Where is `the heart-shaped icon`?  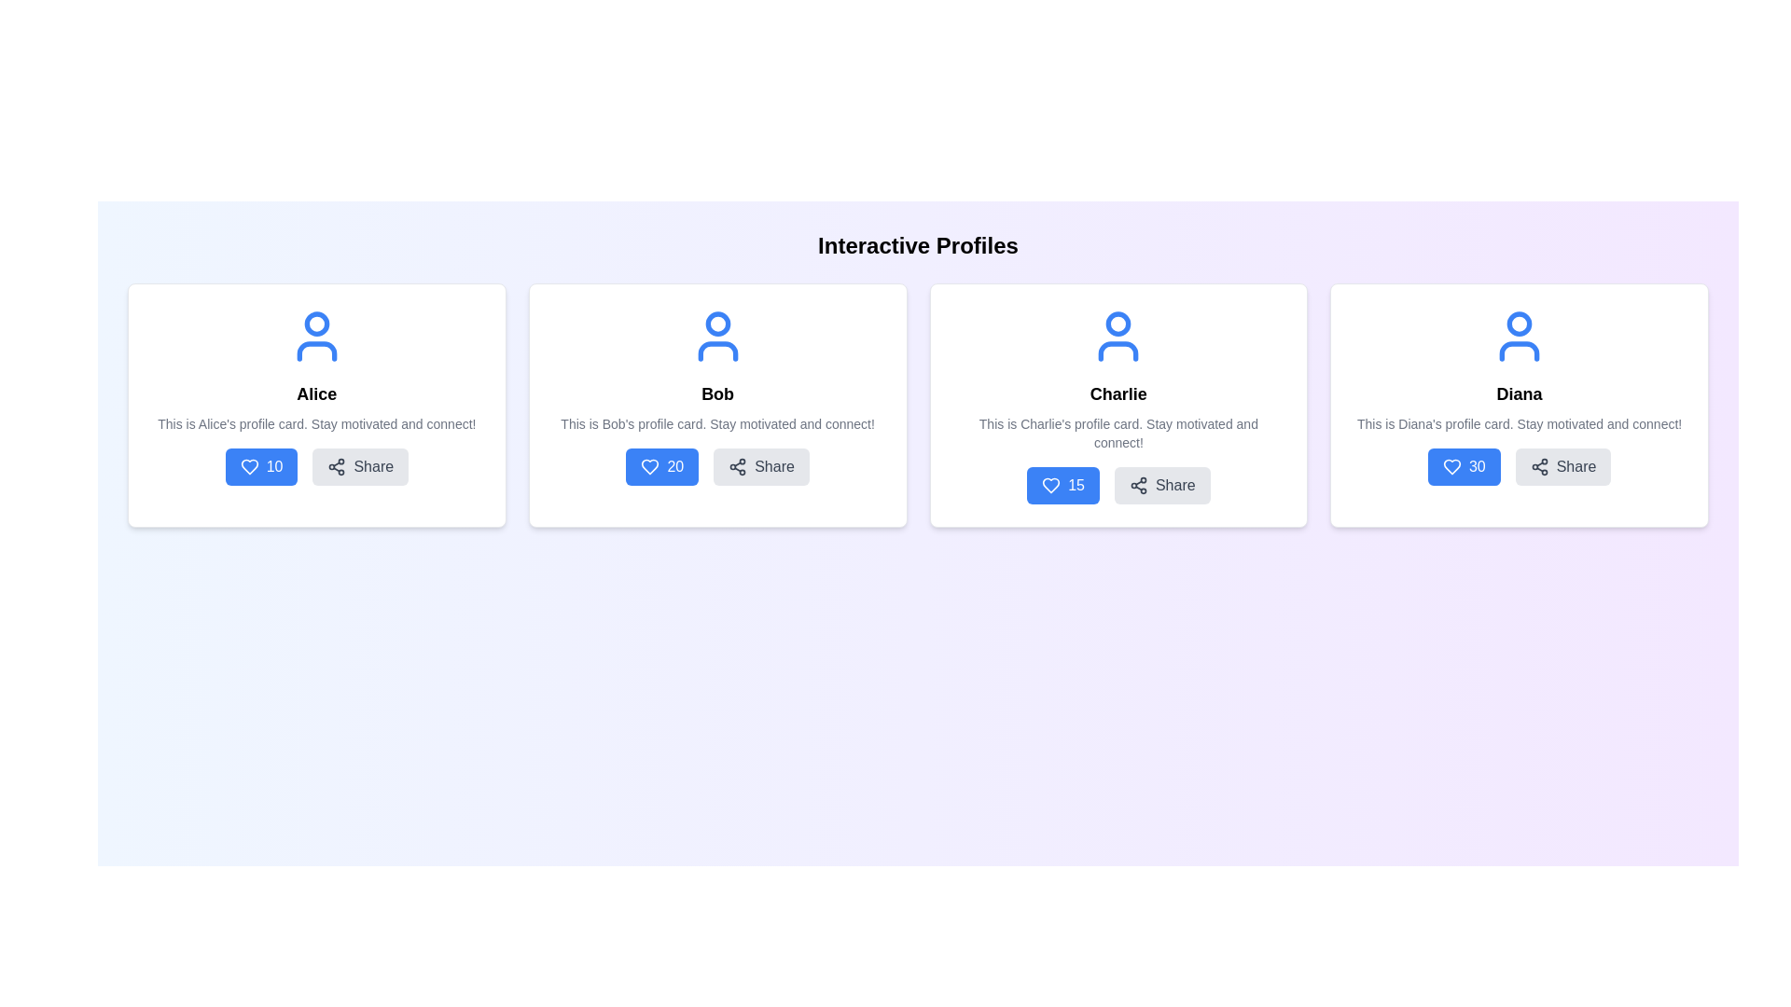 the heart-shaped icon is located at coordinates (1051, 484).